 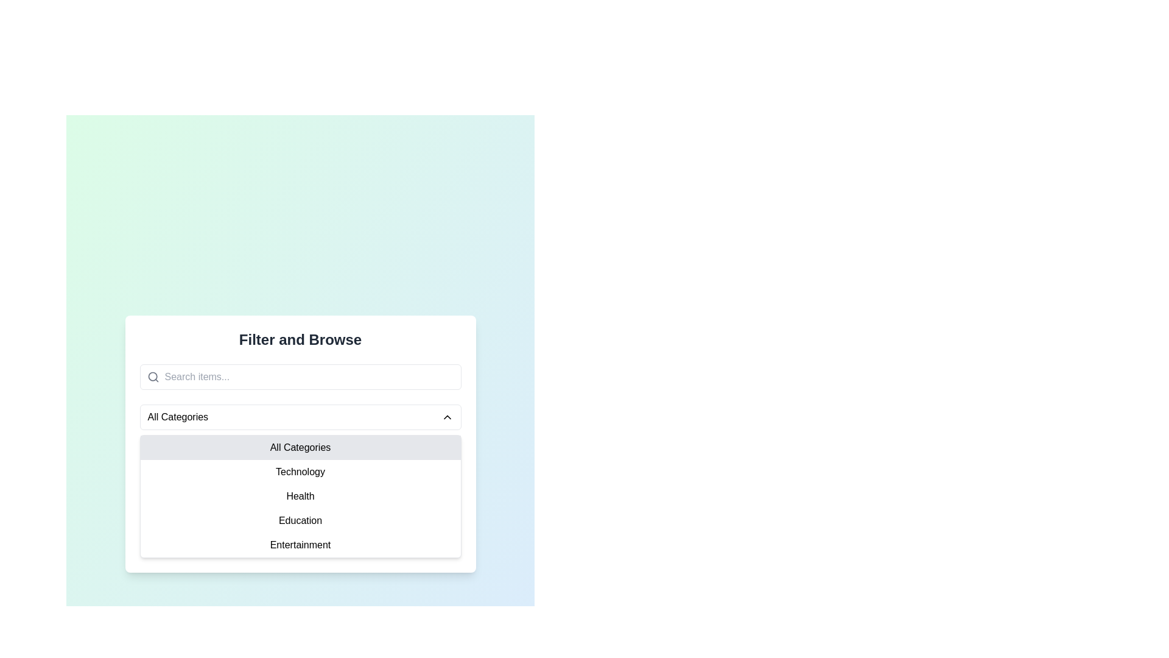 What do you see at coordinates (446, 417) in the screenshot?
I see `the icon located at the right end of the dropdown bar labeled 'All Categories' to collapse or close the dropdown menu` at bounding box center [446, 417].